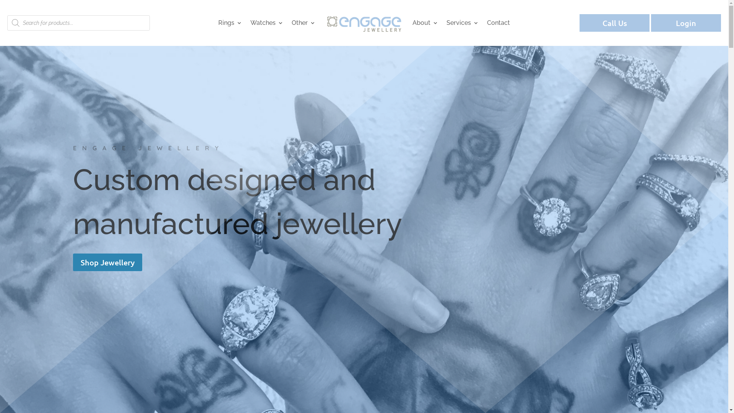 This screenshot has width=734, height=413. Describe the element at coordinates (229, 23) in the screenshot. I see `'Rings'` at that location.